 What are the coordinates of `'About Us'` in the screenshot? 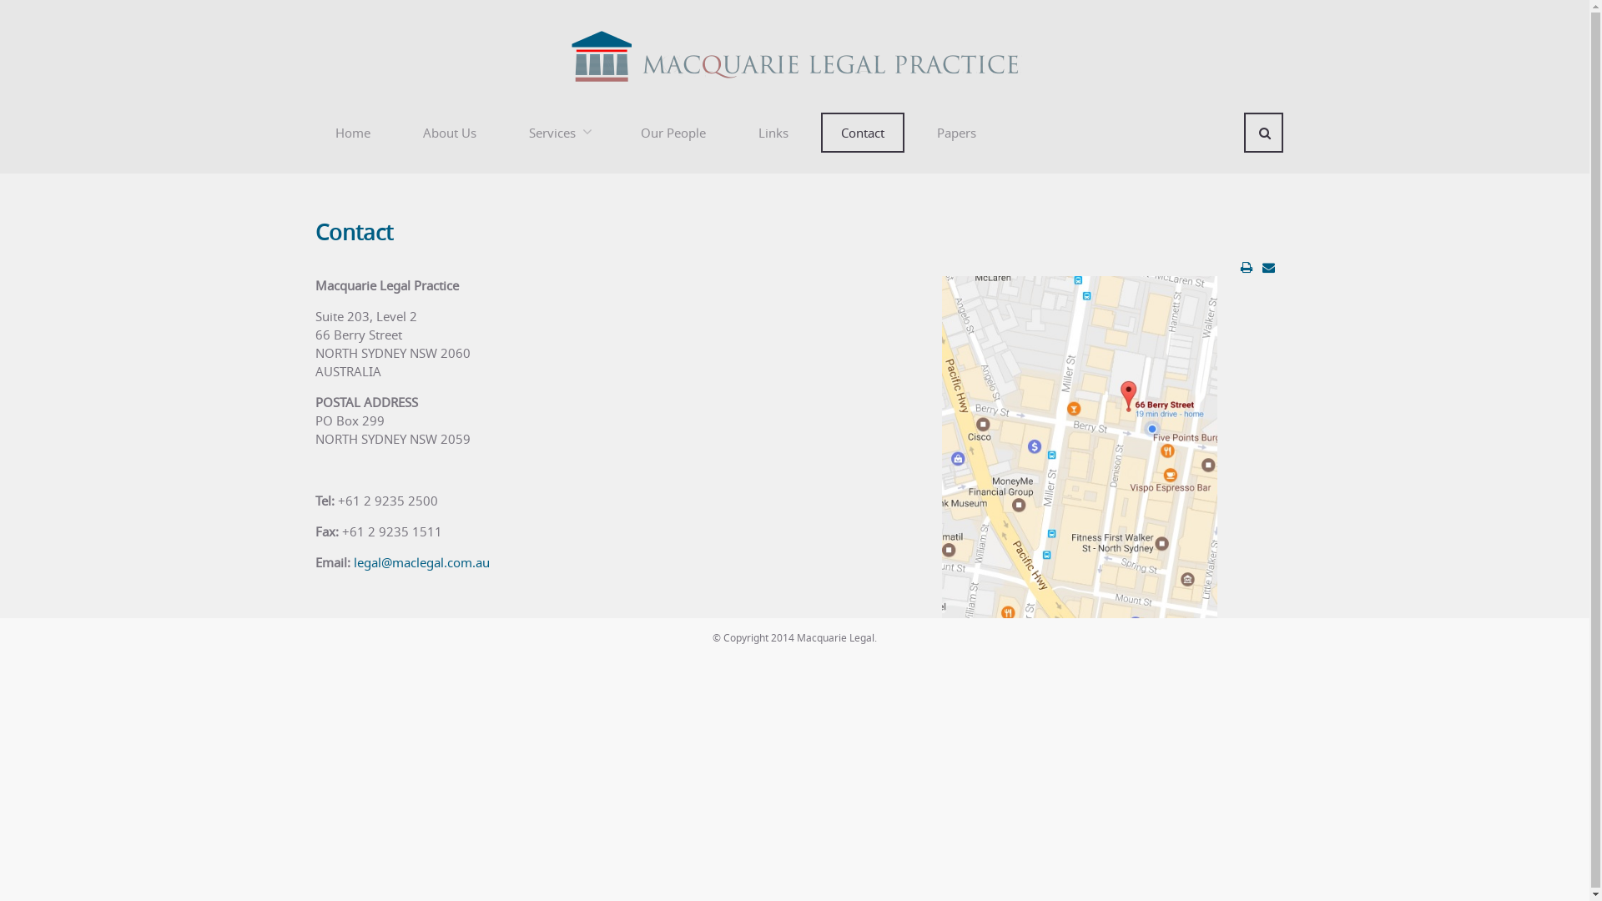 It's located at (404, 131).